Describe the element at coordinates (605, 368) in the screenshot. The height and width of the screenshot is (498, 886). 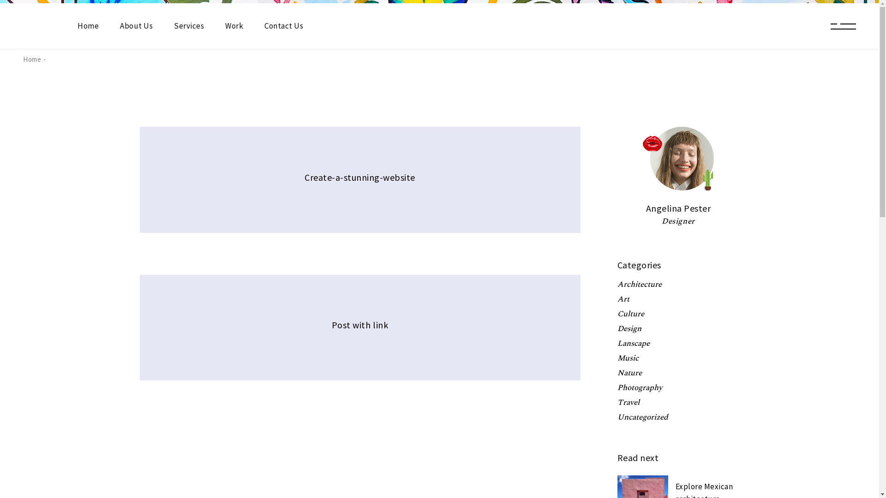
I see `'info@elkas.com.au'` at that location.